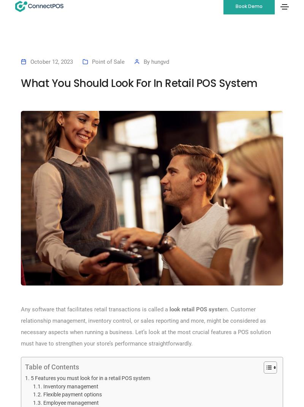 This screenshot has height=407, width=304. Describe the element at coordinates (73, 394) in the screenshot. I see `'Flexible payment options'` at that location.